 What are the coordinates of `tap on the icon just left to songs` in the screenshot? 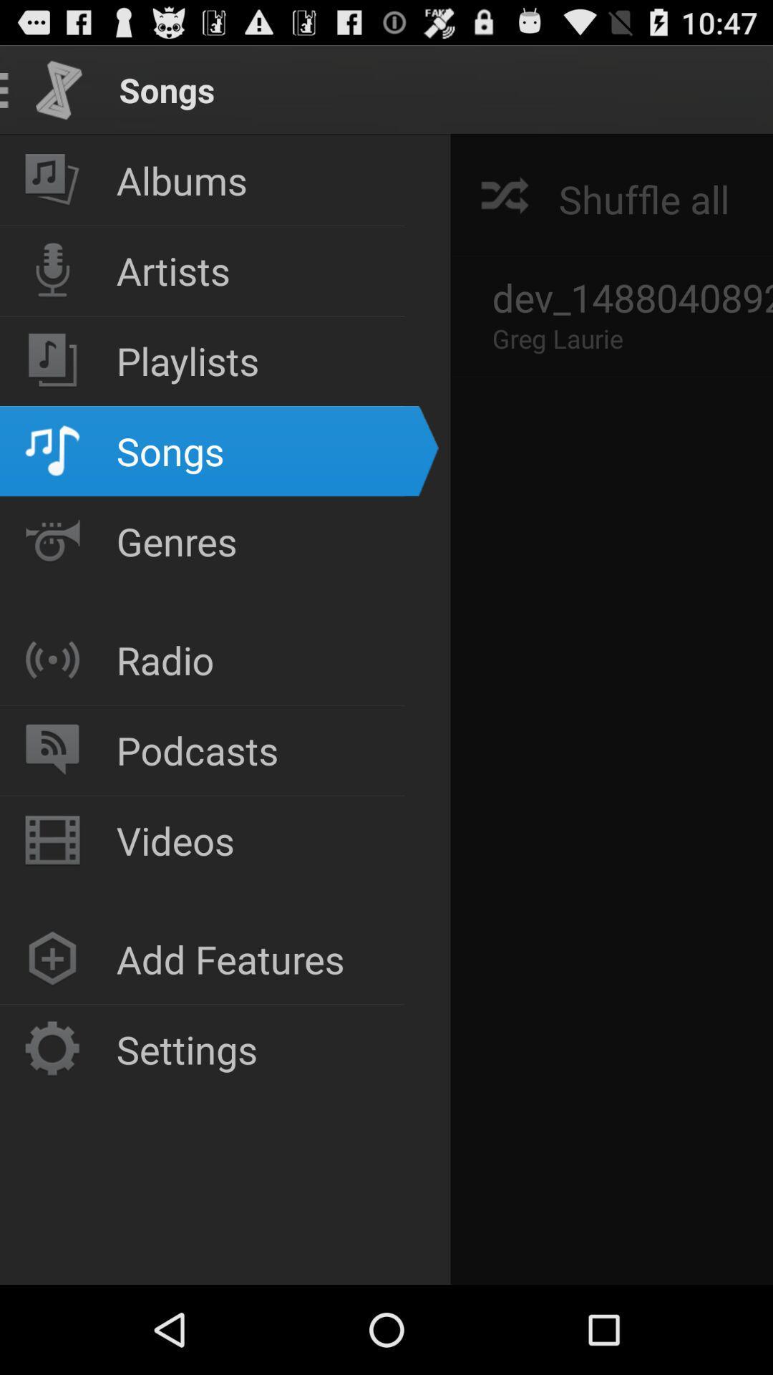 It's located at (59, 89).